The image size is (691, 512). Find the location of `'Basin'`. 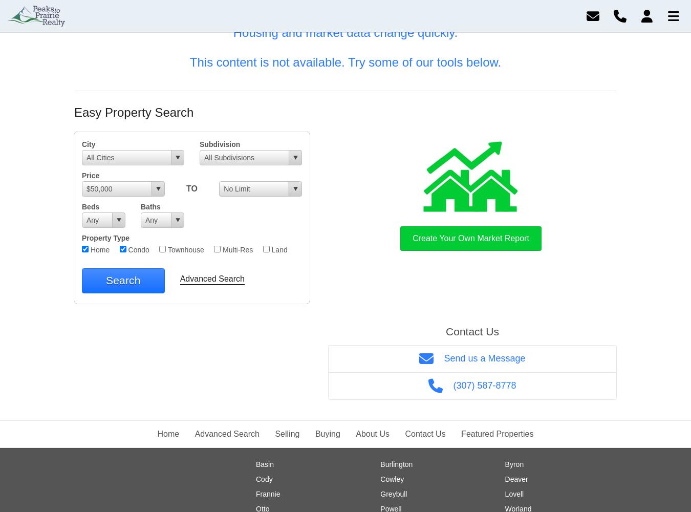

'Basin' is located at coordinates (264, 464).